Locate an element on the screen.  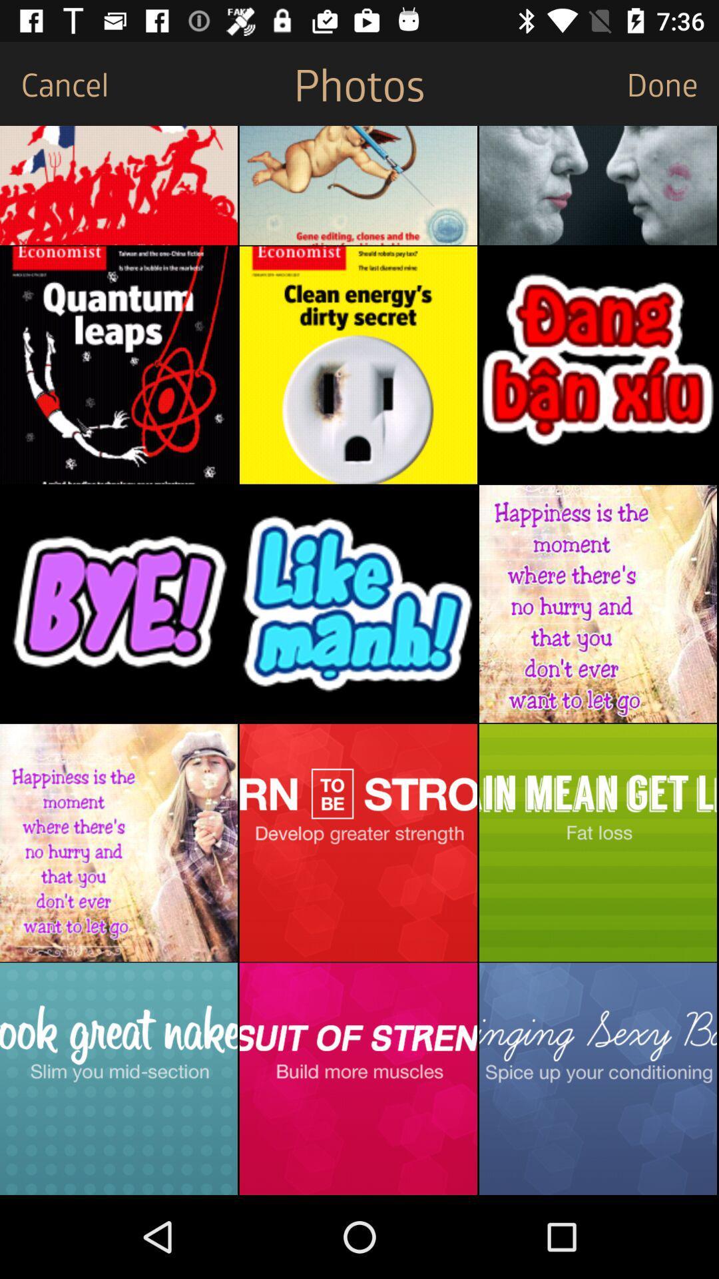
choose photo option is located at coordinates (118, 185).